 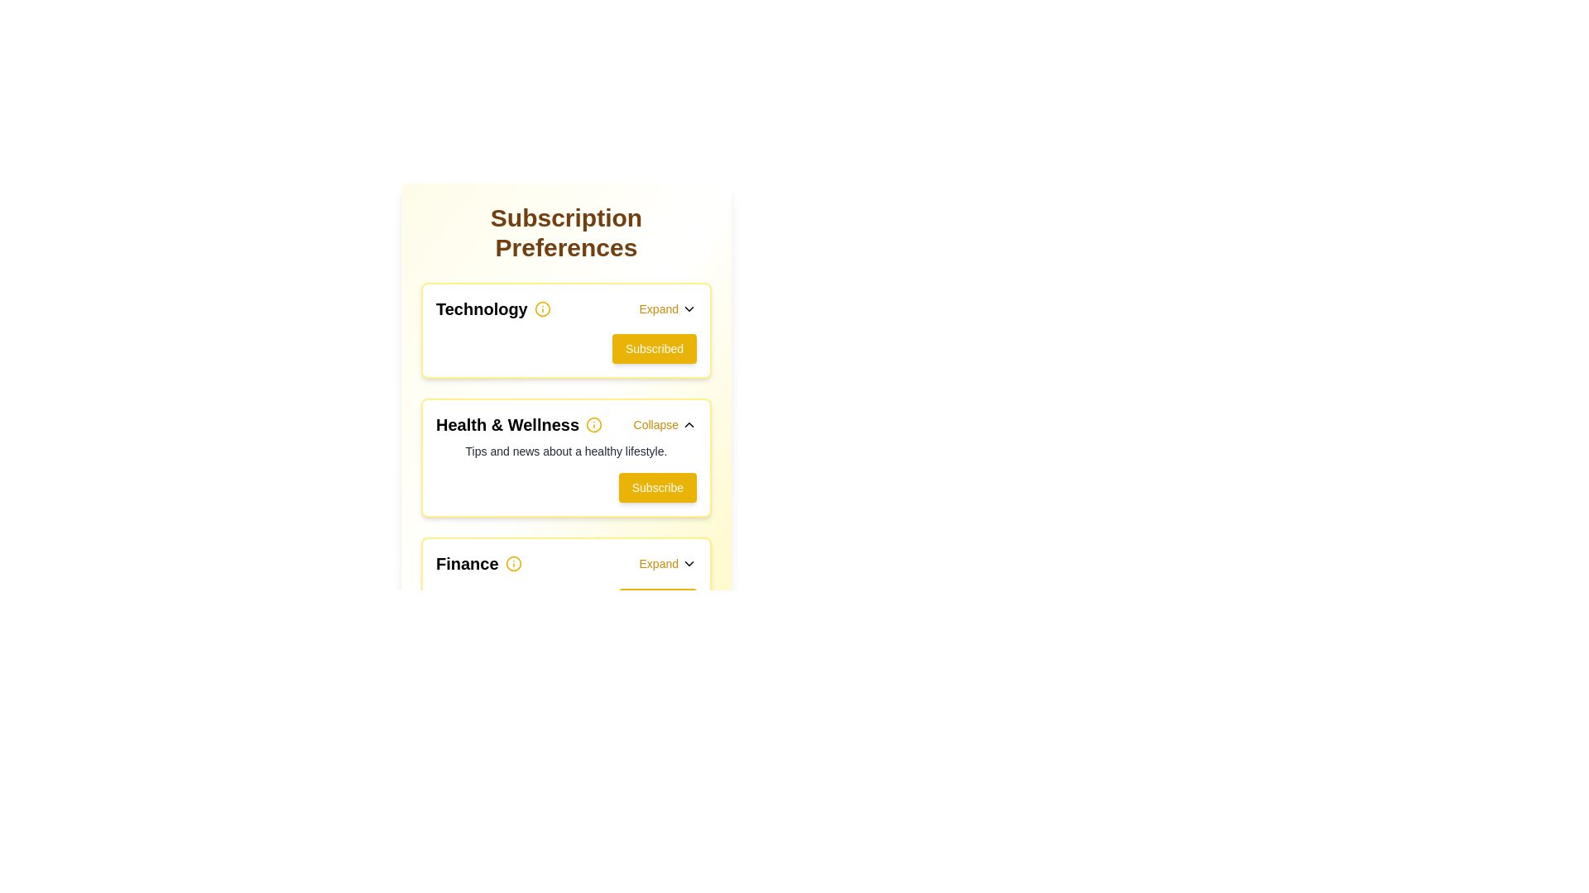 What do you see at coordinates (518, 423) in the screenshot?
I see `the 'Health & Wellness' text label in the subscription preferences section, which is displayed in bold, large font and is positioned between the 'Technology' and 'Finance' sections` at bounding box center [518, 423].